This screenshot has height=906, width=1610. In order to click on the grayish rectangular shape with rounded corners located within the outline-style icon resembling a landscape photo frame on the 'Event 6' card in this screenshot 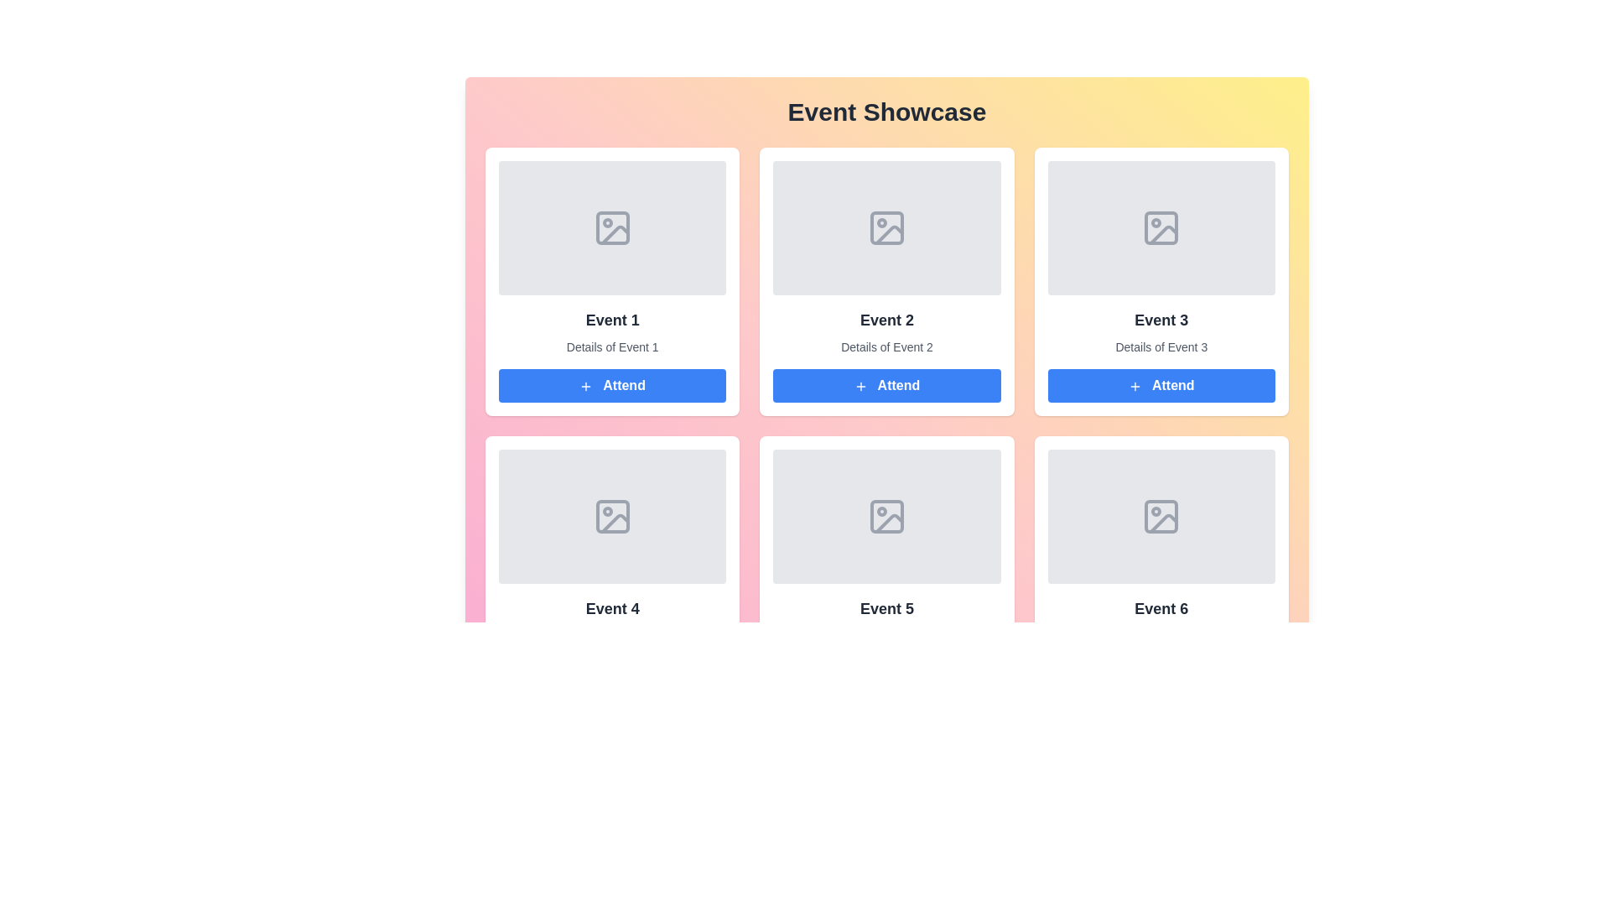, I will do `click(1161, 516)`.